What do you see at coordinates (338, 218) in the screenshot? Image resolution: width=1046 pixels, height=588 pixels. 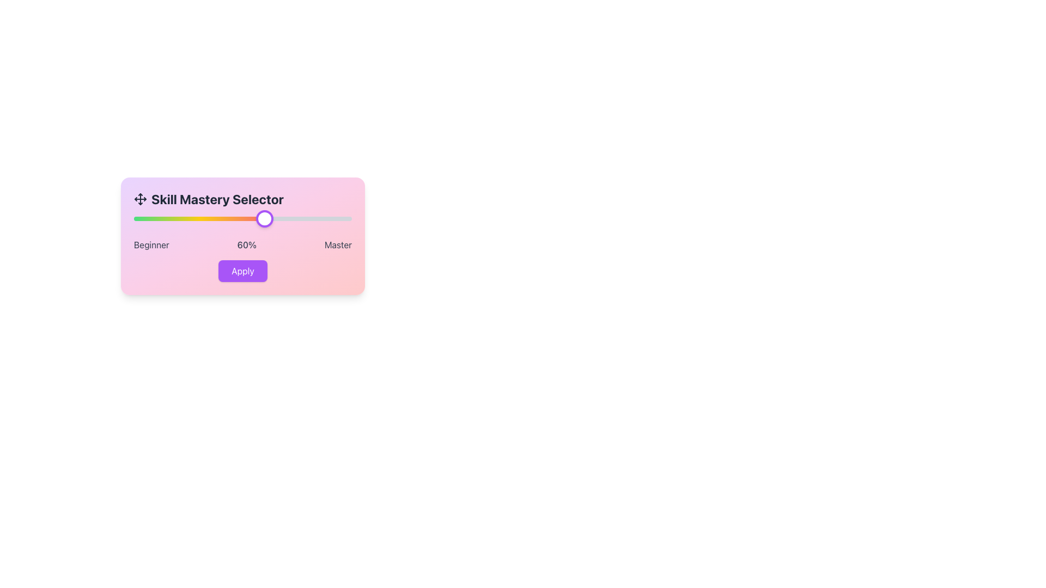 I see `the Skill Mastery level` at bounding box center [338, 218].